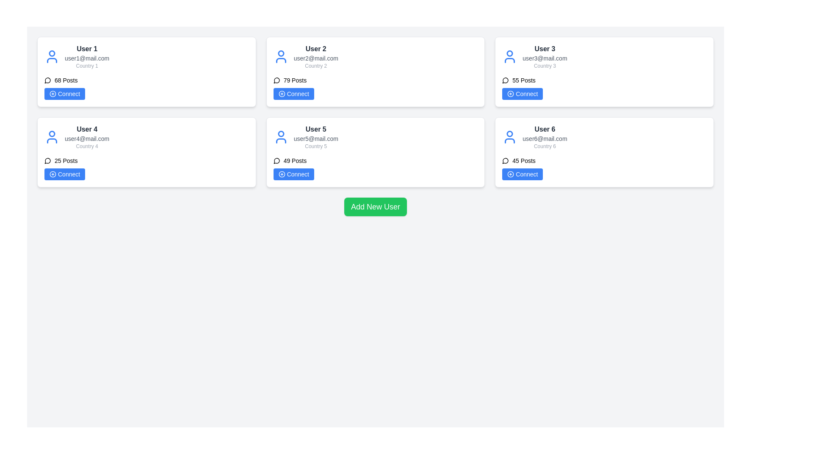 The height and width of the screenshot is (457, 813). I want to click on the user profile card located at the bottom-right of the grid layout, which contains user information such as name, email, country, and number of posts, so click(604, 151).